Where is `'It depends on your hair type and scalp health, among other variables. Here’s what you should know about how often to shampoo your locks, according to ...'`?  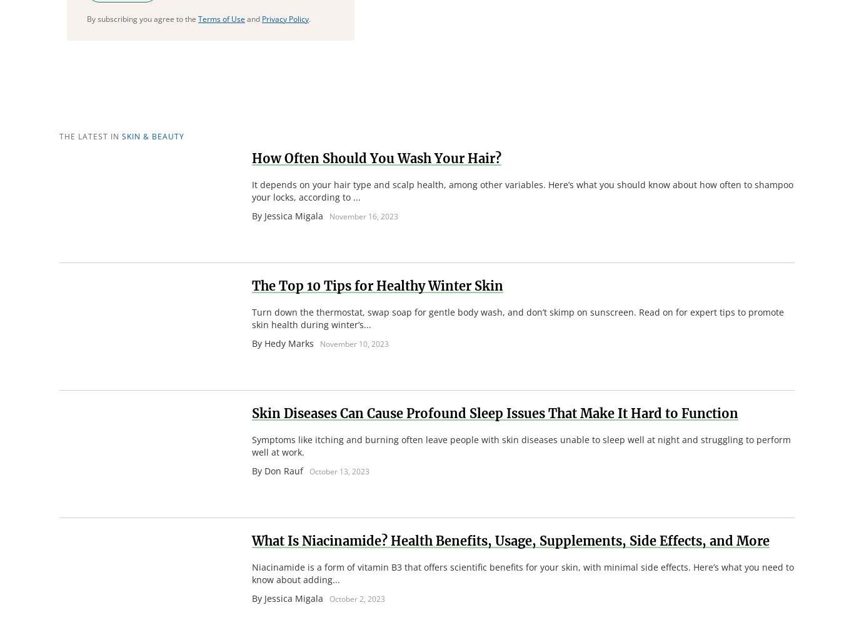 'It depends on your hair type and scalp health, among other variables. Here’s what you should know about how often to shampoo your locks, according to ...' is located at coordinates (521, 190).